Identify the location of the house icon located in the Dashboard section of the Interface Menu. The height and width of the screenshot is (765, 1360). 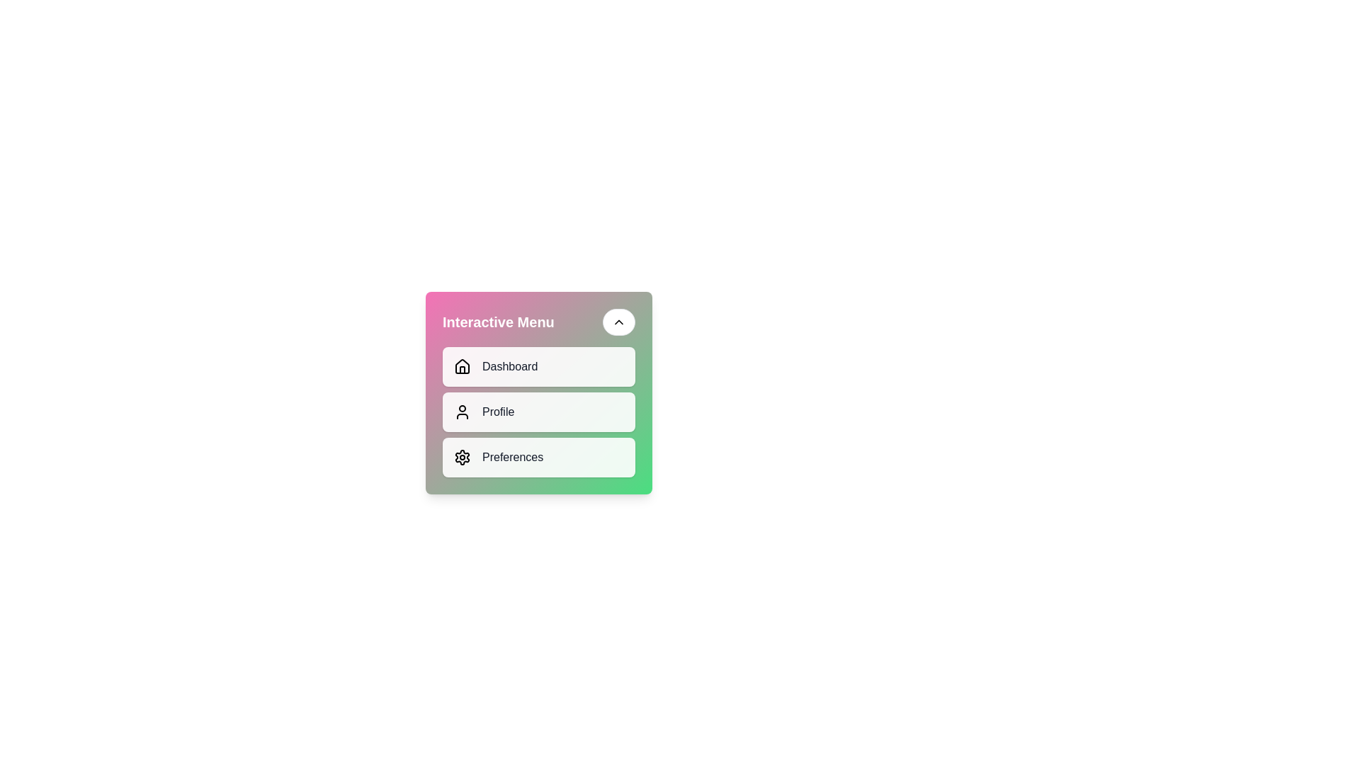
(462, 365).